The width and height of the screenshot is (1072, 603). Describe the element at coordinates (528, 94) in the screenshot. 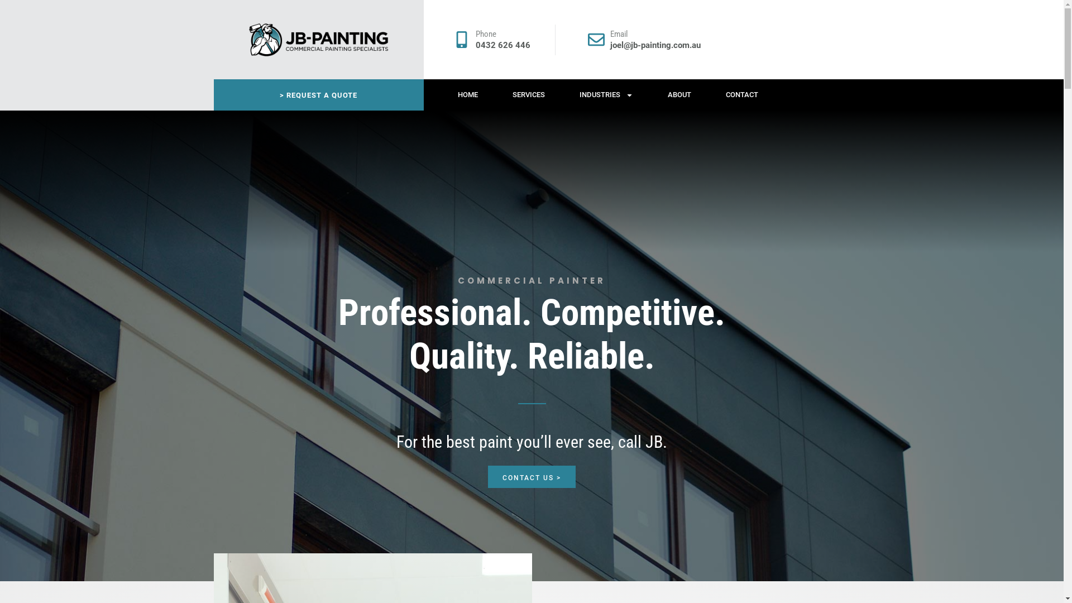

I see `'SERVICES'` at that location.